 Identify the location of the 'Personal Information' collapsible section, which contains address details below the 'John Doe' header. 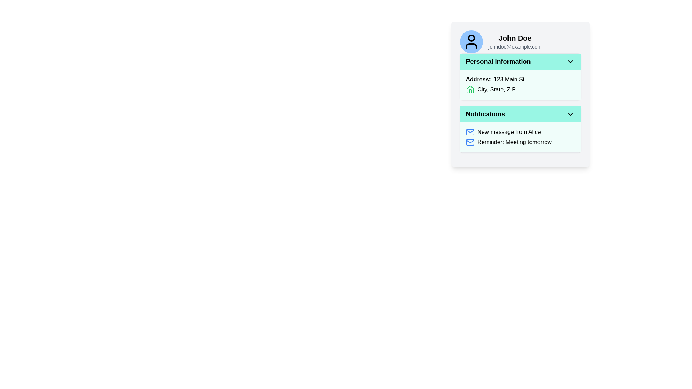
(520, 76).